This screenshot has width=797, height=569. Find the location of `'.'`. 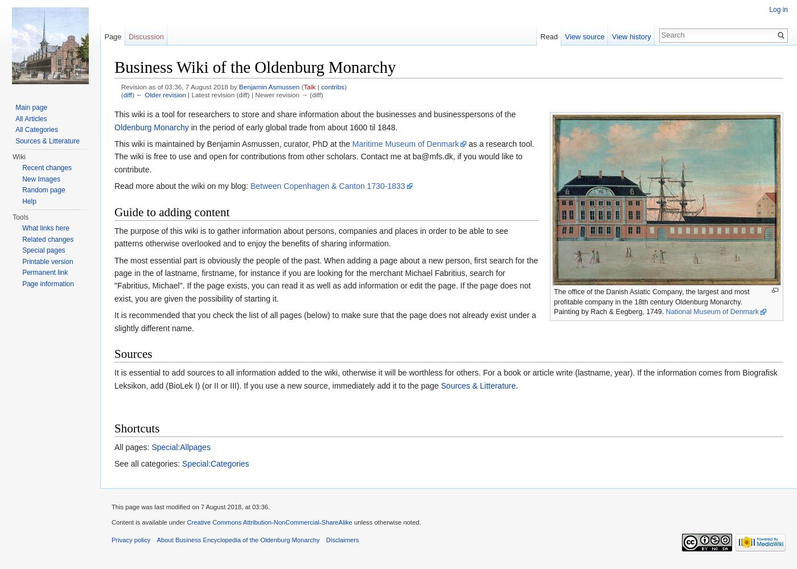

'.' is located at coordinates (516, 385).